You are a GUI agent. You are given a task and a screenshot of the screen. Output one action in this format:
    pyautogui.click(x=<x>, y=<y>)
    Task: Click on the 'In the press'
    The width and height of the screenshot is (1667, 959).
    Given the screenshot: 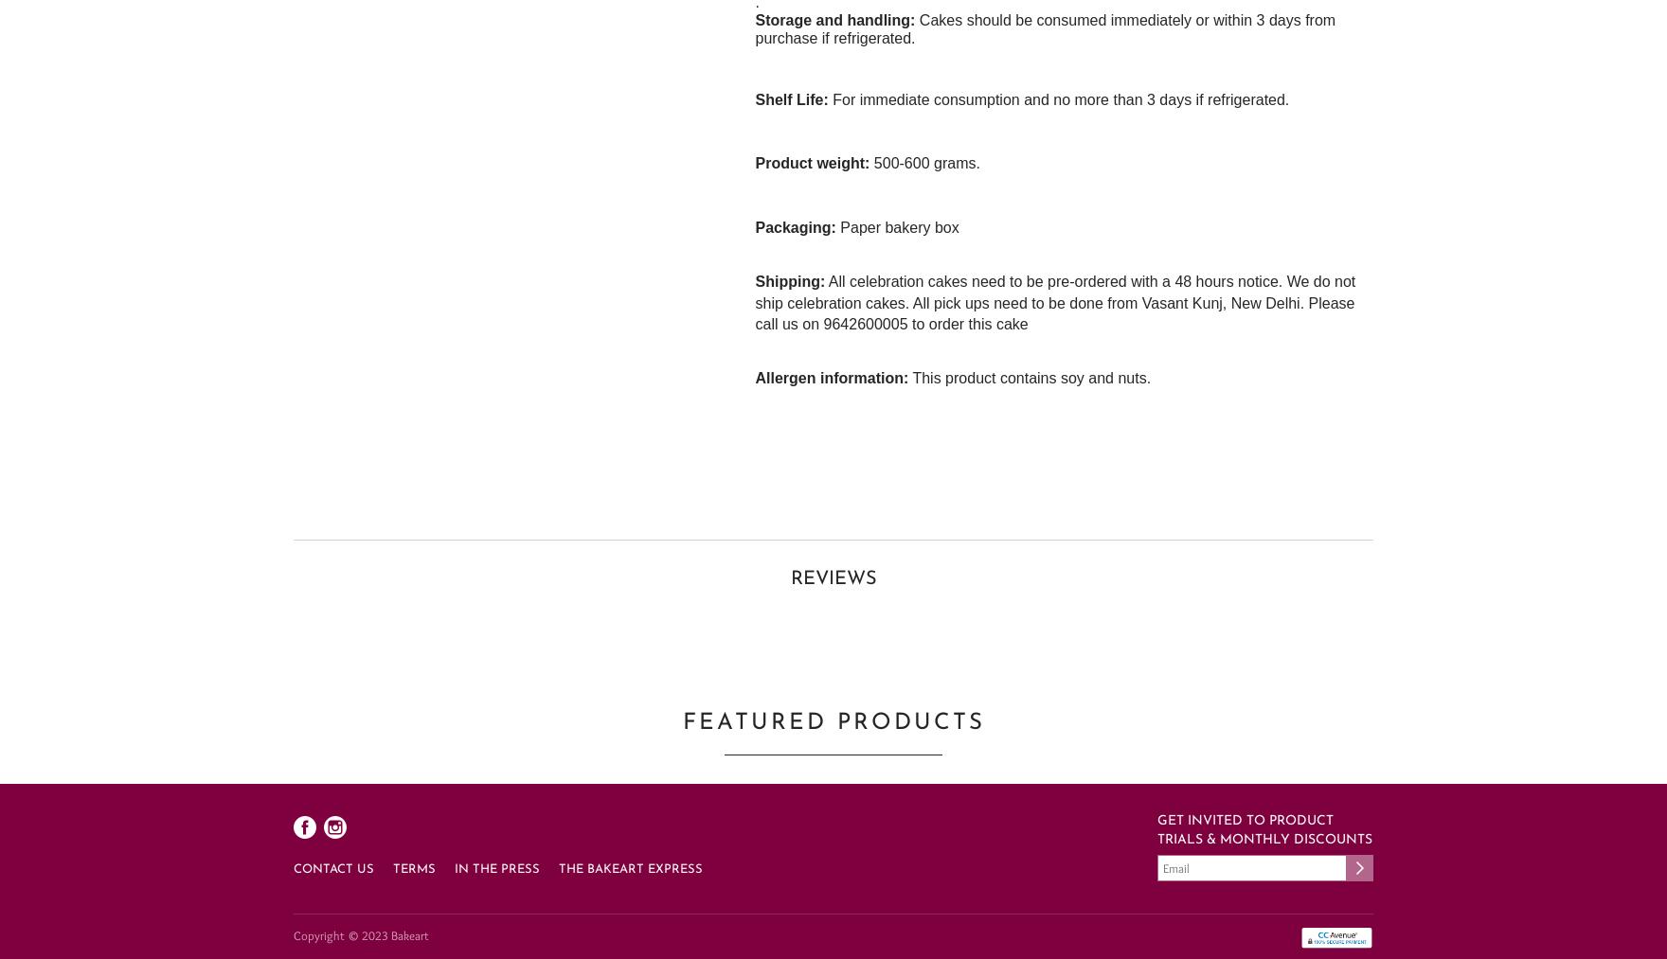 What is the action you would take?
    pyautogui.click(x=497, y=868)
    